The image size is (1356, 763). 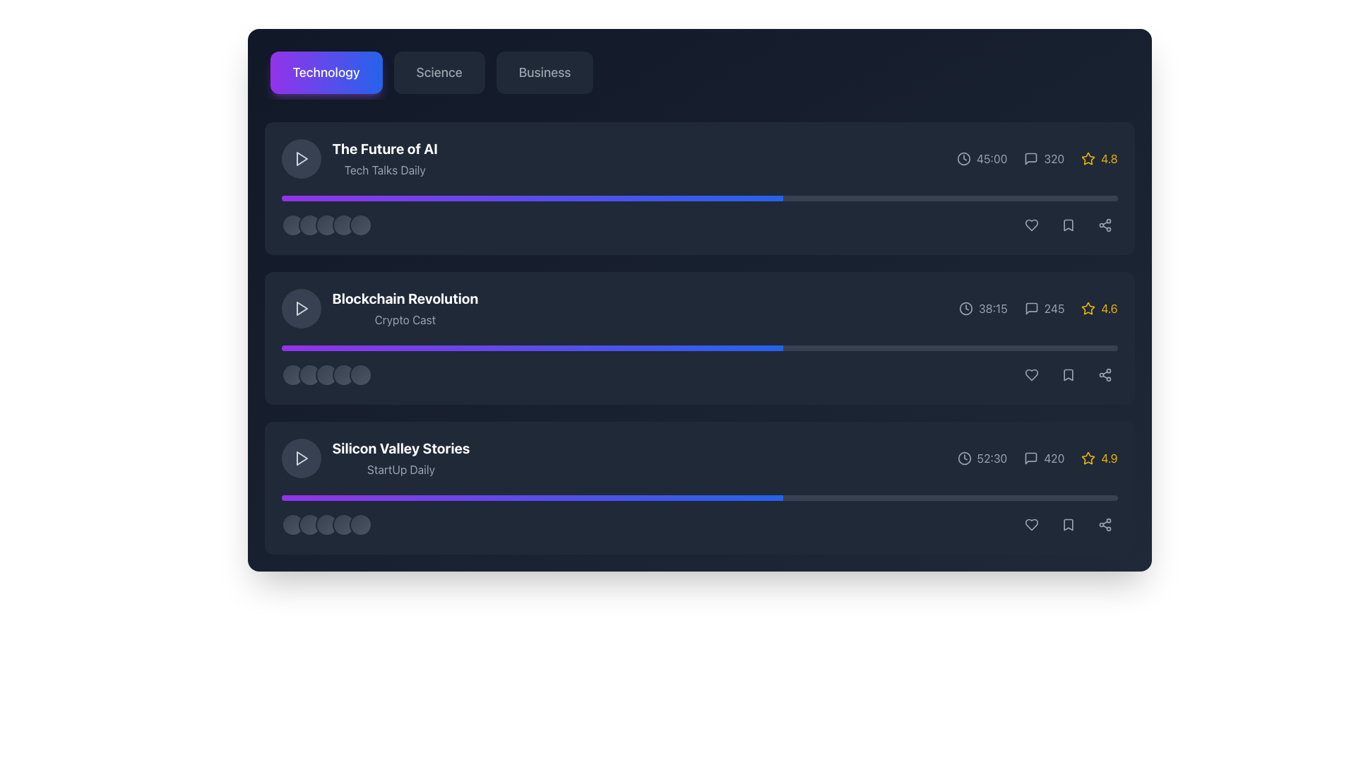 What do you see at coordinates (300, 158) in the screenshot?
I see `the play button icon located at the left side of the podcast card labeled 'The Future of AI'` at bounding box center [300, 158].